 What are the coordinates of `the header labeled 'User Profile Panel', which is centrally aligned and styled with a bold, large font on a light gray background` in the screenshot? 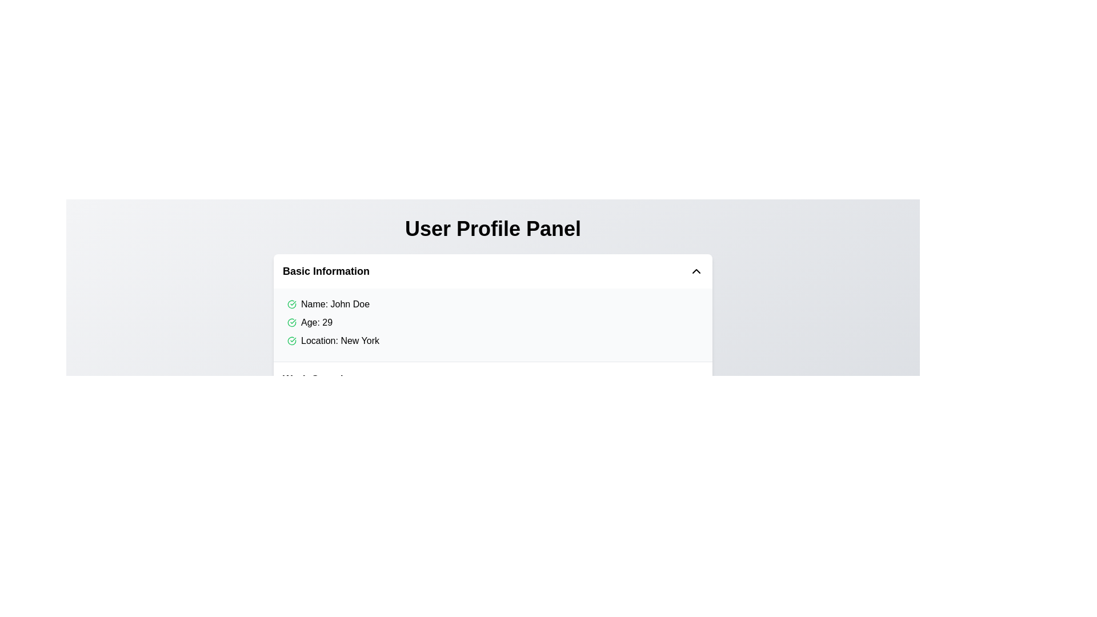 It's located at (493, 229).